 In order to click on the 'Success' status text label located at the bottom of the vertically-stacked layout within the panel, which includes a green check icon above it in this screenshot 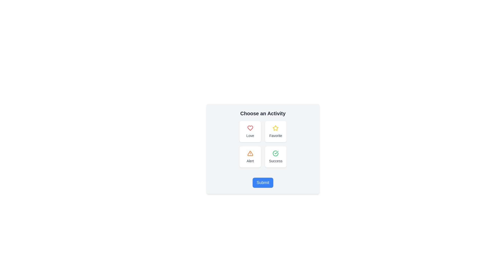, I will do `click(275, 161)`.